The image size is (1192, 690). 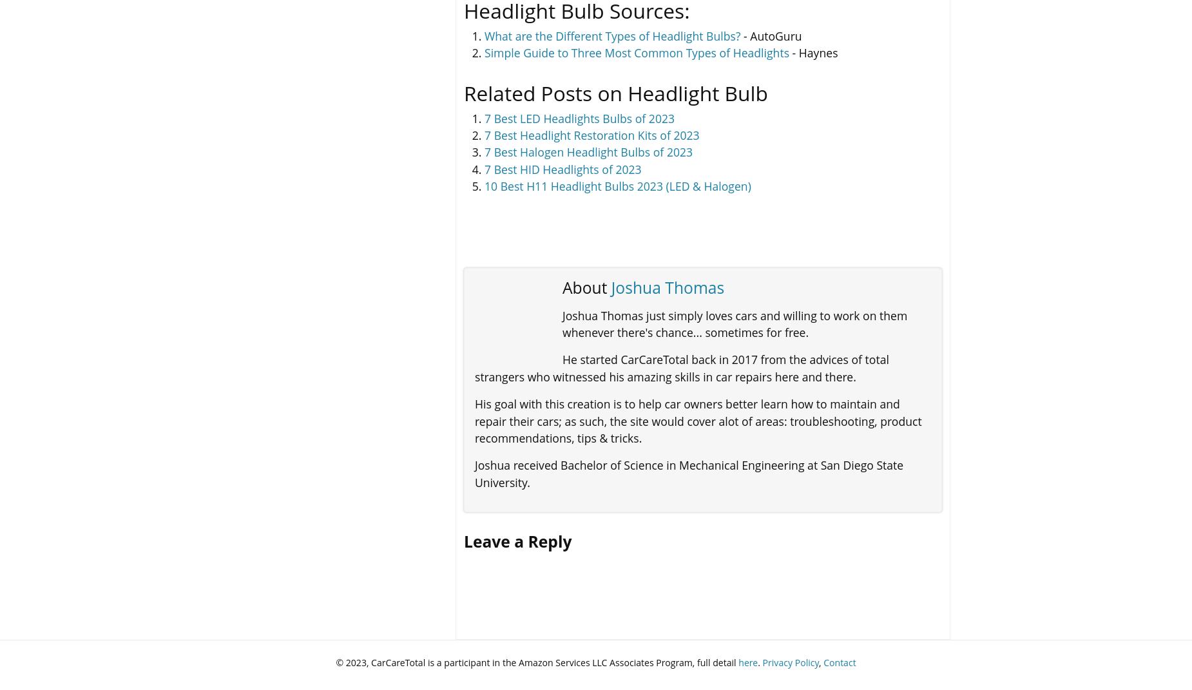 I want to click on 'Related Posts on Headlight Bulb', so click(x=615, y=92).